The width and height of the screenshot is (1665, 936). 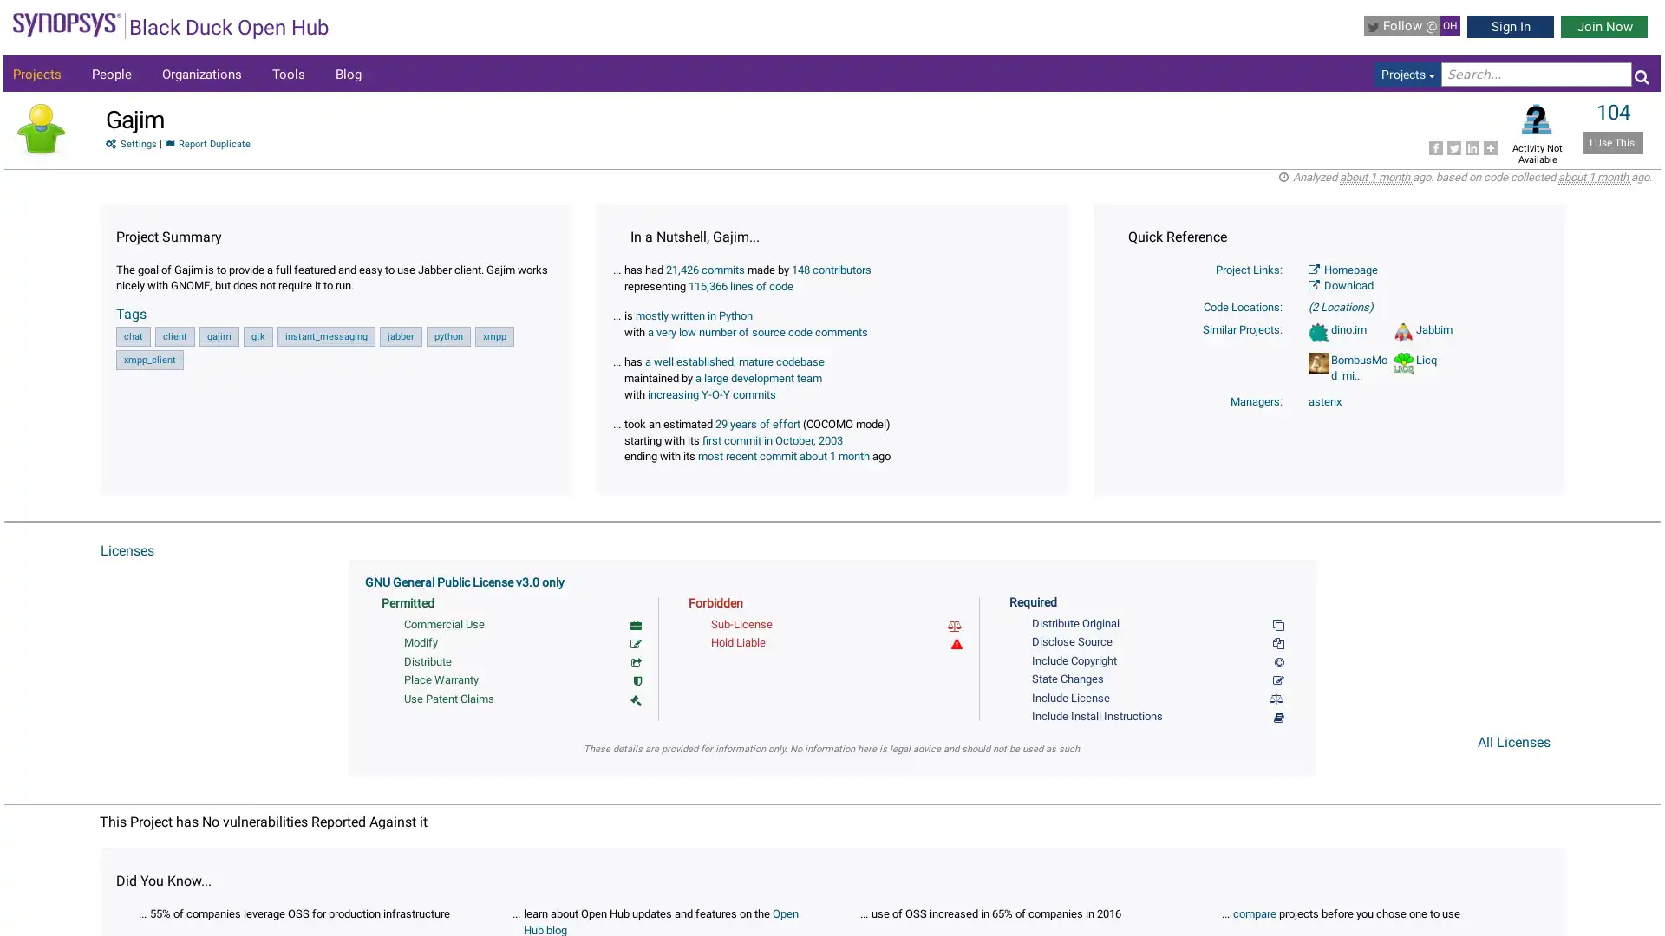 I want to click on Share to More, so click(x=1489, y=146).